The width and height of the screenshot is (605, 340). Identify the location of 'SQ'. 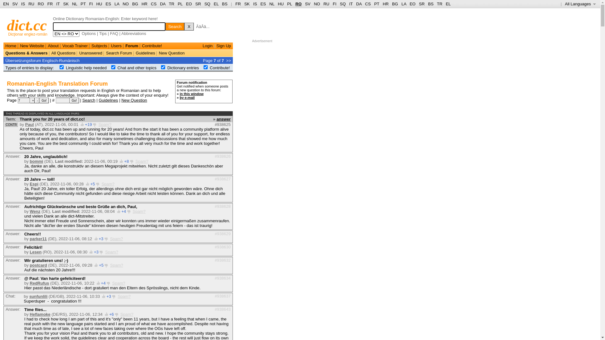
(204, 4).